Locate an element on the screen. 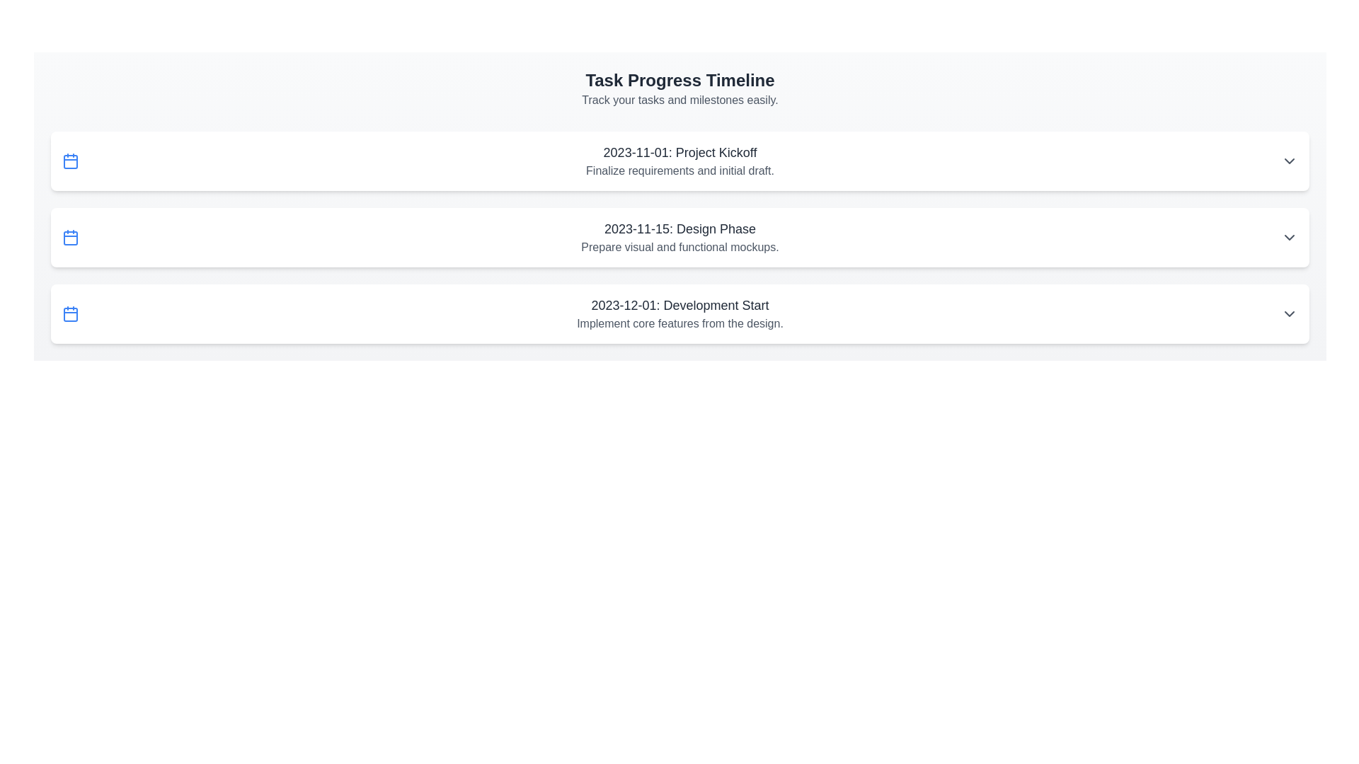  text label that contains 'Implement core features from the design.' which is styled in a smaller, lighter gray font and positioned below the main header text '2023-12-01: Development Start' is located at coordinates (679, 324).